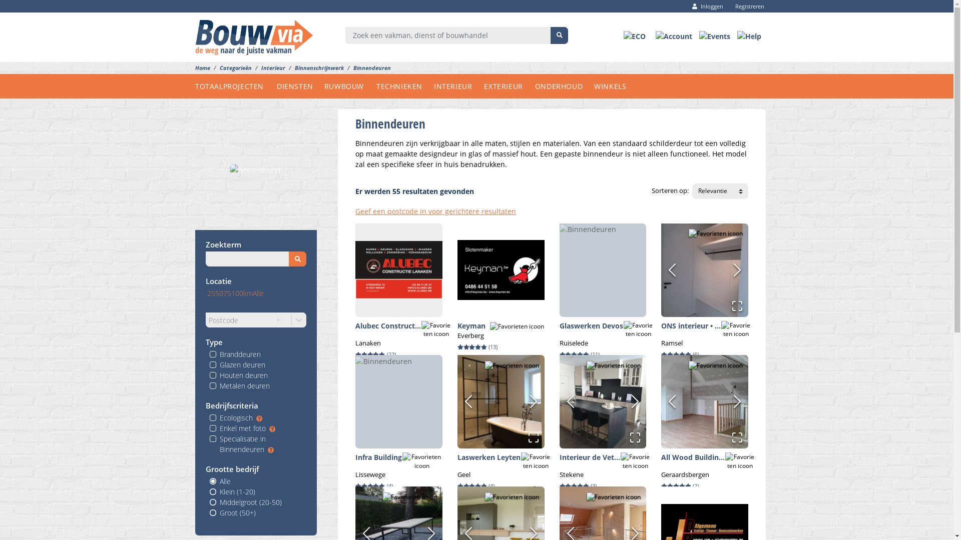 The width and height of the screenshot is (961, 540). What do you see at coordinates (591, 325) in the screenshot?
I see `'Glaswerken Devos'` at bounding box center [591, 325].